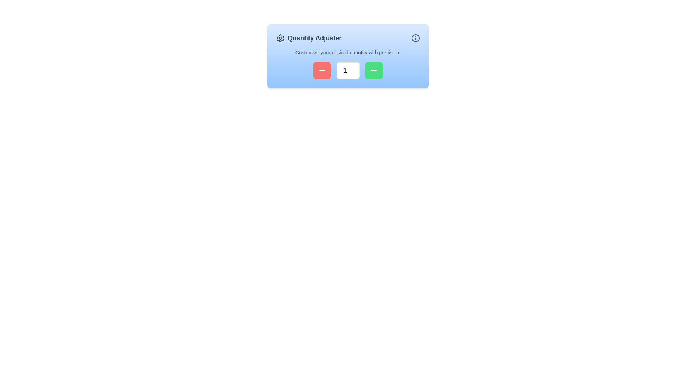 Image resolution: width=691 pixels, height=389 pixels. What do you see at coordinates (416, 38) in the screenshot?
I see `the informational/help icon, which is a circular icon with an outlined gray circle and a dot in the middle, located at the top-right corner of the 'Quantity Adjuster' section` at bounding box center [416, 38].